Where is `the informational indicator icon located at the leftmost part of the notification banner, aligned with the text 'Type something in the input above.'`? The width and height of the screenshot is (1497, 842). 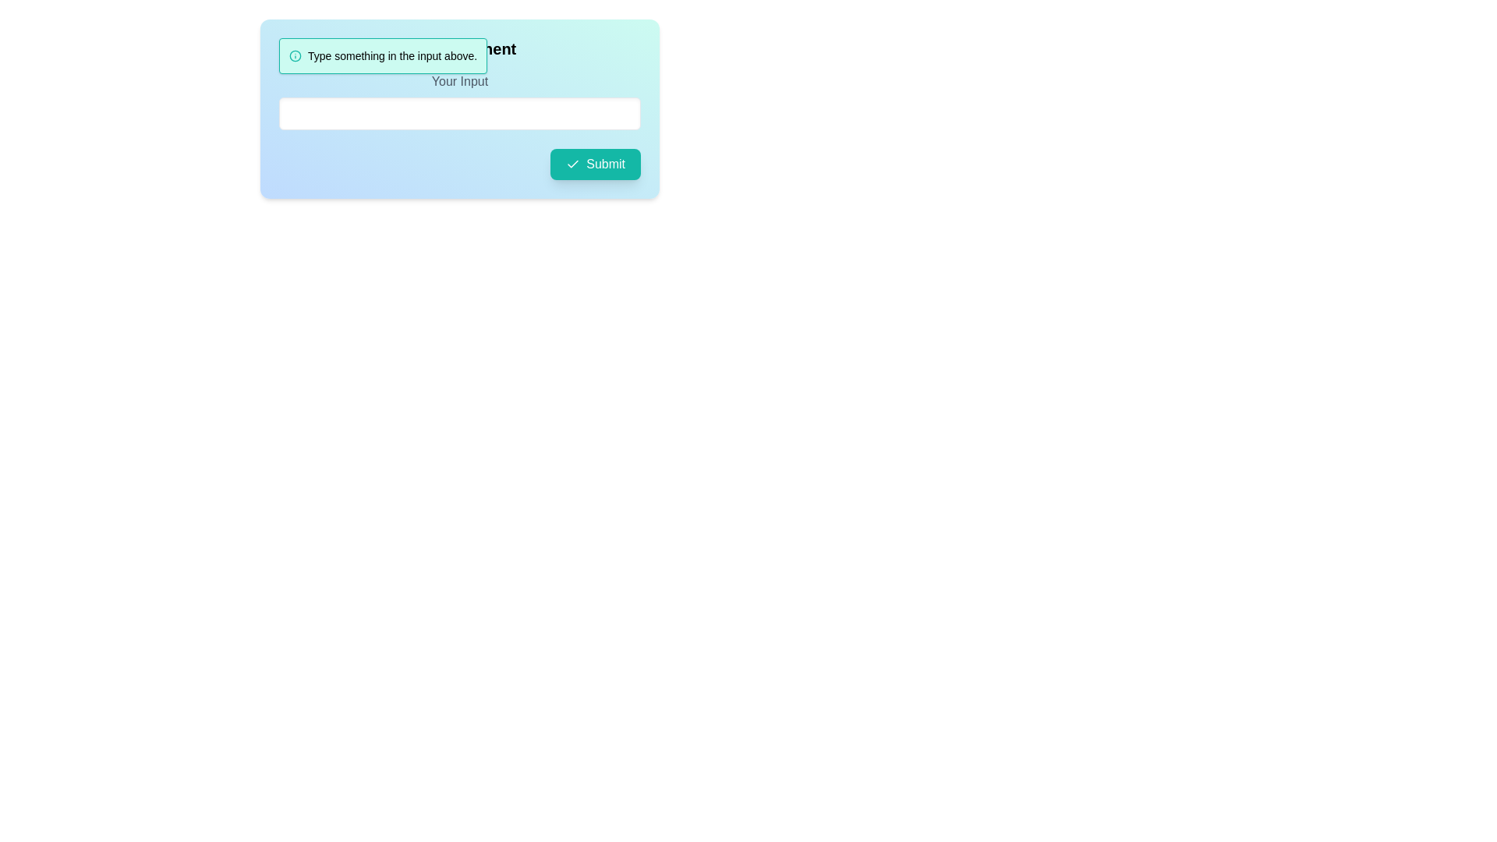
the informational indicator icon located at the leftmost part of the notification banner, aligned with the text 'Type something in the input above.' is located at coordinates (296, 55).